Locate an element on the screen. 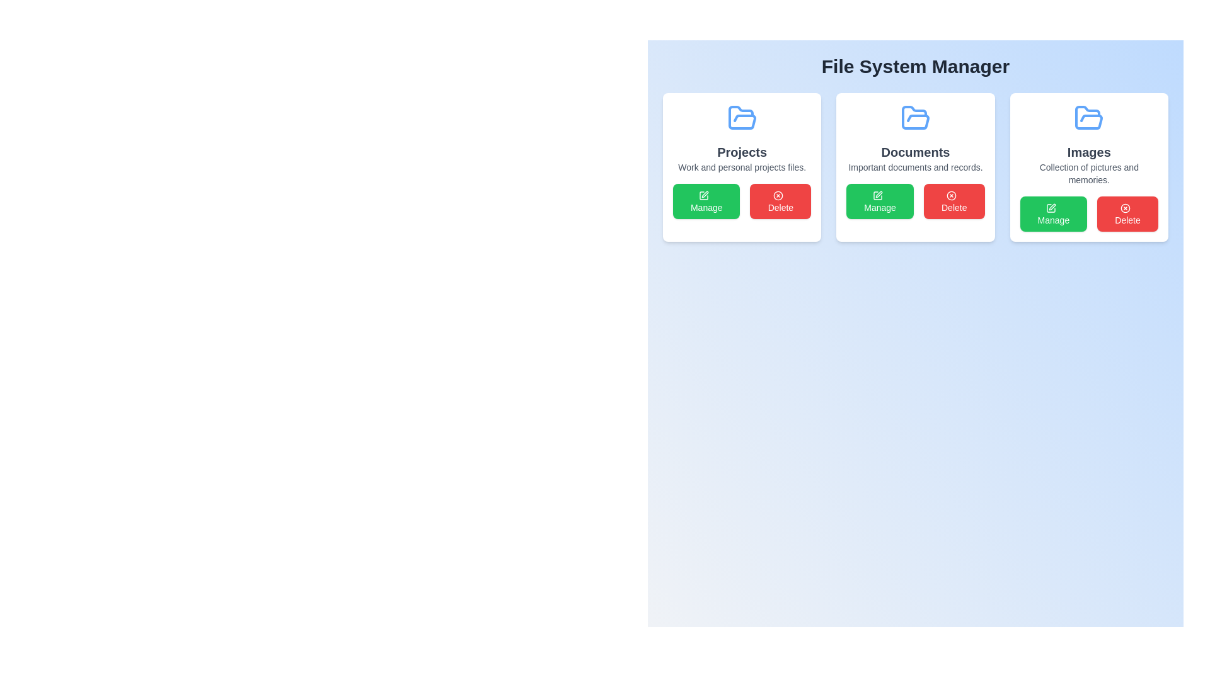  the circular outline element within the SVG design of the delete button in the second card labeled 'Documents' is located at coordinates (952, 196).